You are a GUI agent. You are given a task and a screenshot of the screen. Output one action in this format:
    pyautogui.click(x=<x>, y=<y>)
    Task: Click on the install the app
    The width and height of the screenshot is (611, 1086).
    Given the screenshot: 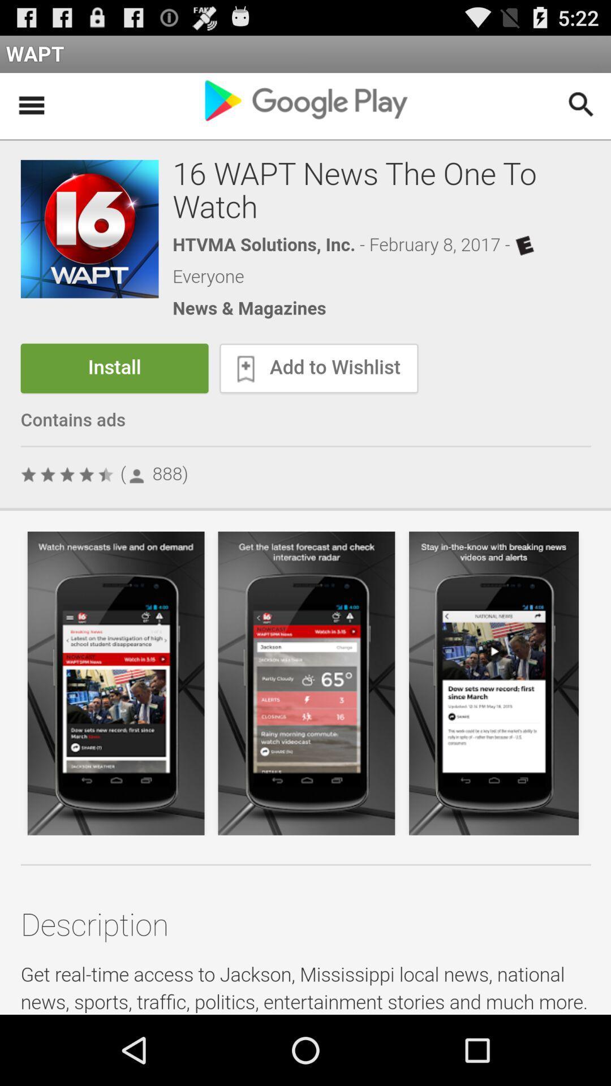 What is the action you would take?
    pyautogui.click(x=305, y=544)
    